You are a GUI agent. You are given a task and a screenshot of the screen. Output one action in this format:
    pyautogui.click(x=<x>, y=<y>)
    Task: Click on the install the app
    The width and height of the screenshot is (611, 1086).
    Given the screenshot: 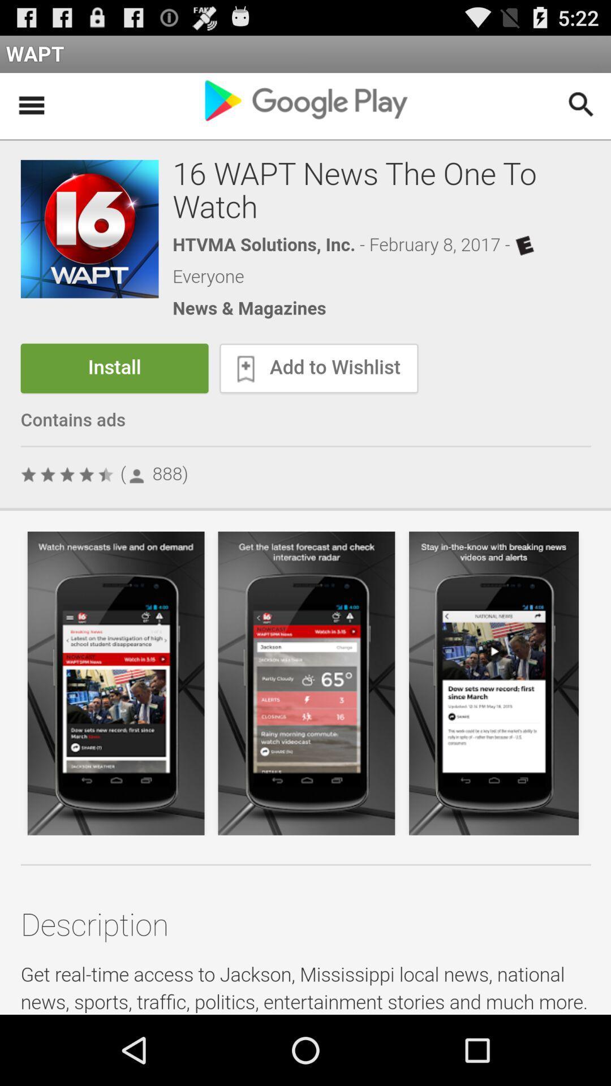 What is the action you would take?
    pyautogui.click(x=305, y=544)
    